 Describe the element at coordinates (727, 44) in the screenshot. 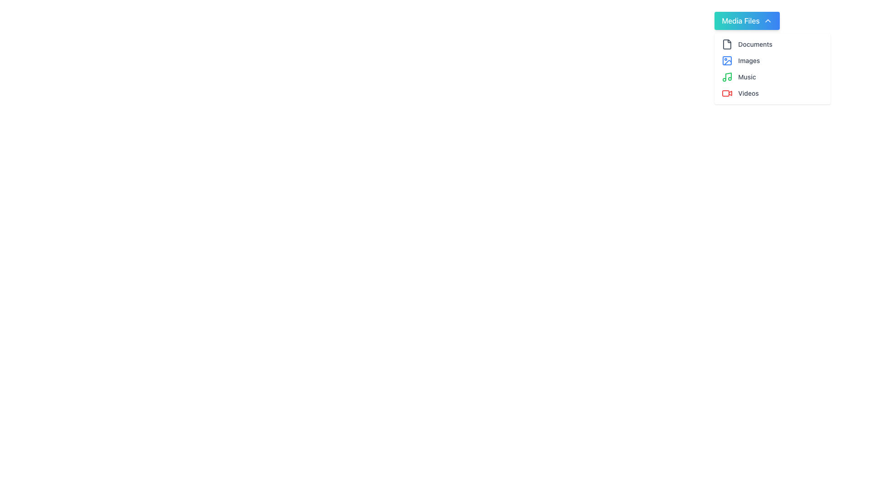

I see `the document icon located at the top left of the dropdown menu under 'Media Files'` at that location.